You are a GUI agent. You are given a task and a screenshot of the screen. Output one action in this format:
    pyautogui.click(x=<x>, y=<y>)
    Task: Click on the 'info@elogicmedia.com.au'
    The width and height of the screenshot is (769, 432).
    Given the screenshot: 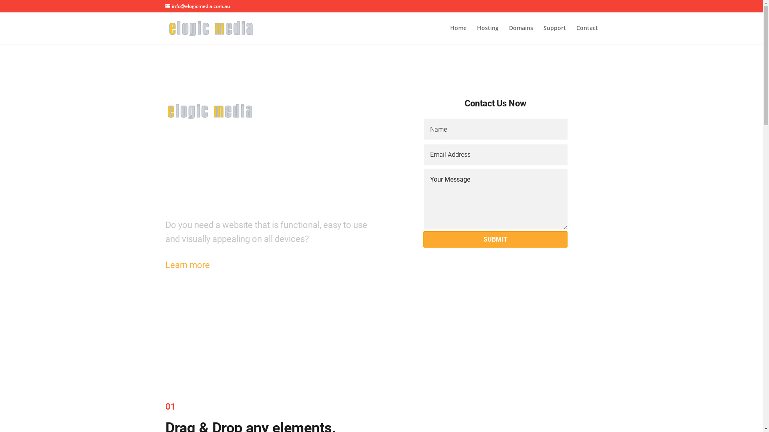 What is the action you would take?
    pyautogui.click(x=197, y=6)
    